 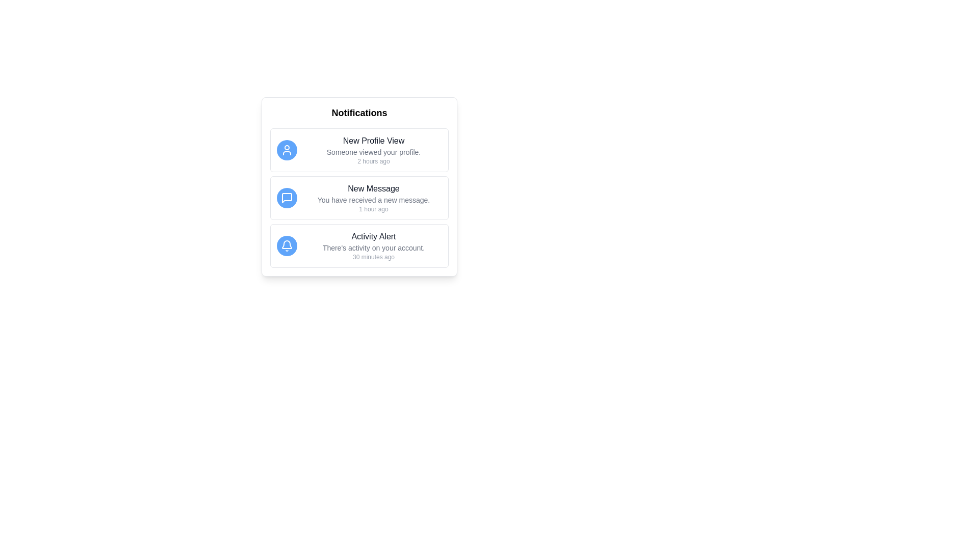 What do you see at coordinates (373, 198) in the screenshot?
I see `the Notification summary element that displays 'New Message', 'You have received a new message.', and '1 hour ago', which is the second notification in the list` at bounding box center [373, 198].